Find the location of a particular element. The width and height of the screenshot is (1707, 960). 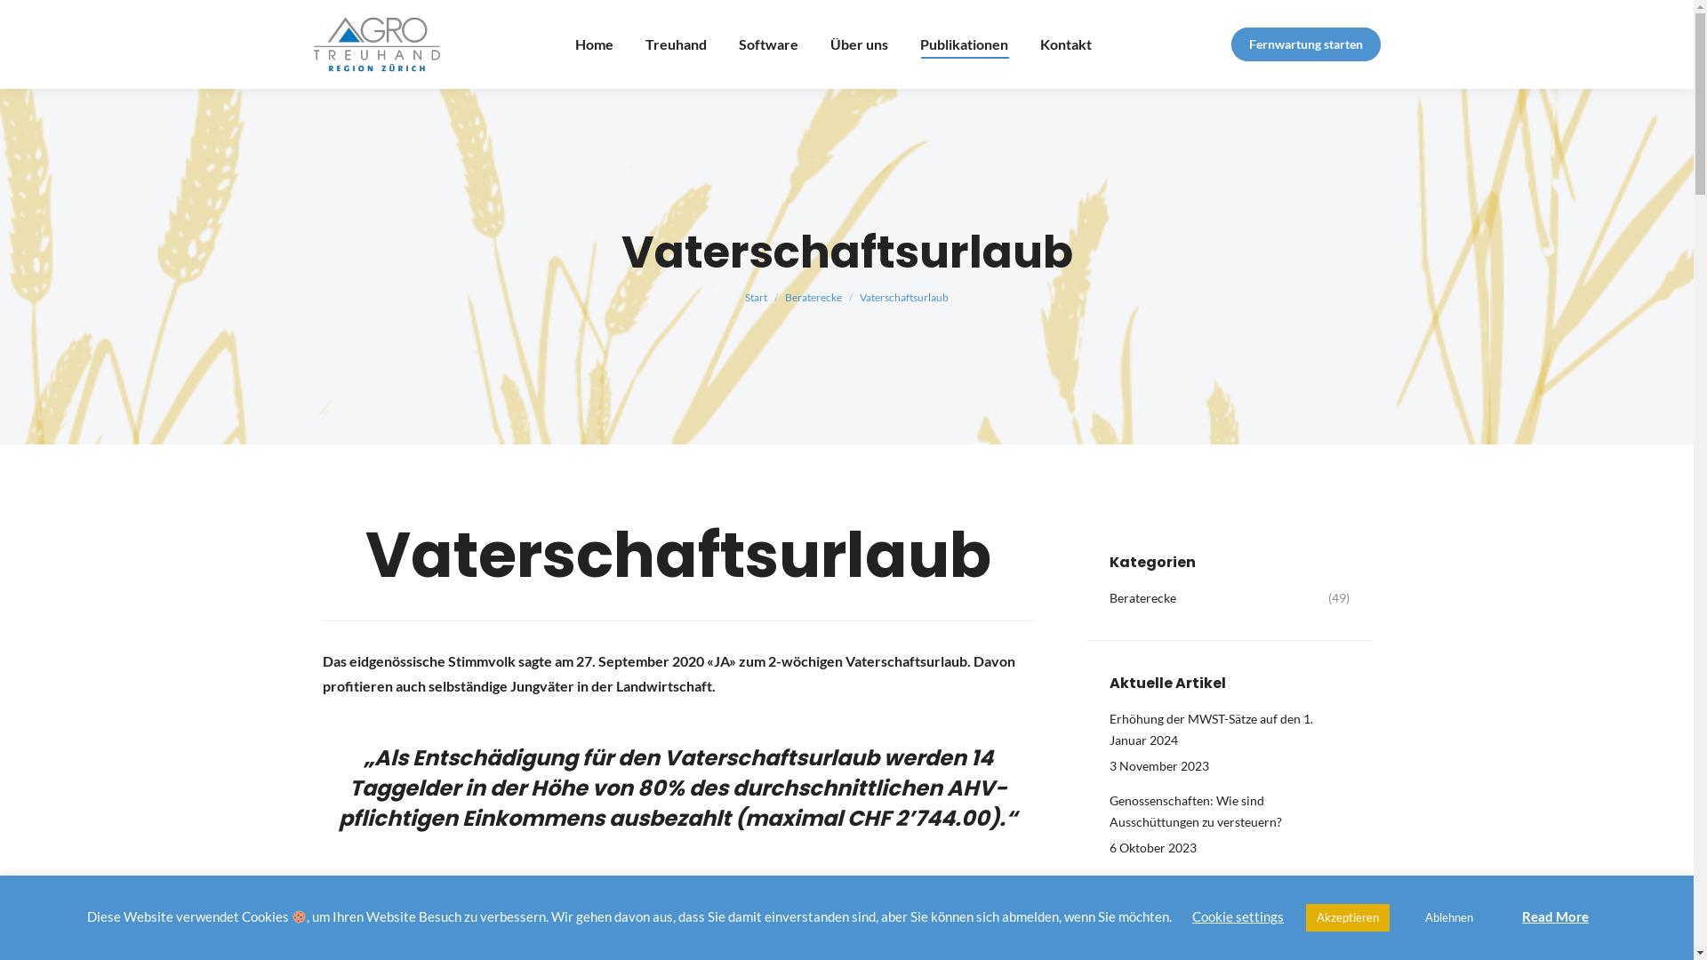

'Zahlungsverkehr und Buchhaltung' is located at coordinates (1204, 882).